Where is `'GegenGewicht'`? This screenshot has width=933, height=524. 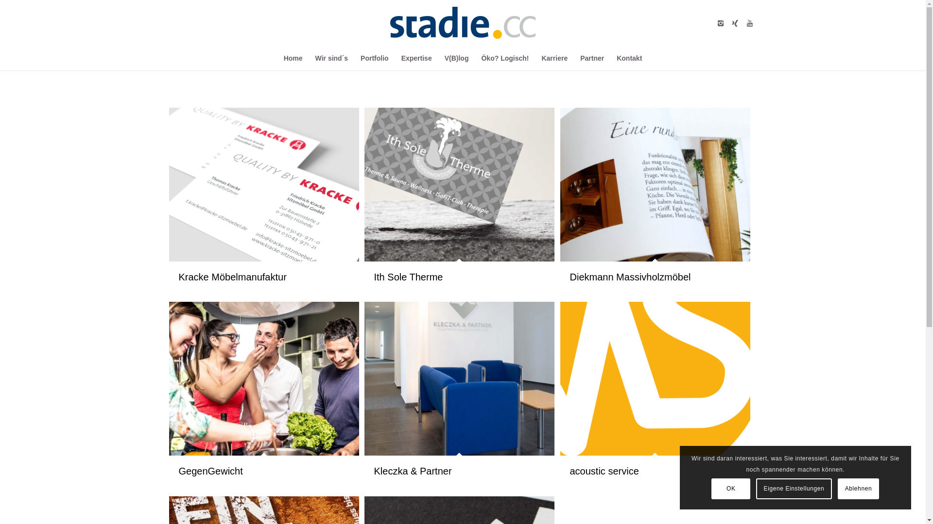 'GegenGewicht' is located at coordinates (210, 471).